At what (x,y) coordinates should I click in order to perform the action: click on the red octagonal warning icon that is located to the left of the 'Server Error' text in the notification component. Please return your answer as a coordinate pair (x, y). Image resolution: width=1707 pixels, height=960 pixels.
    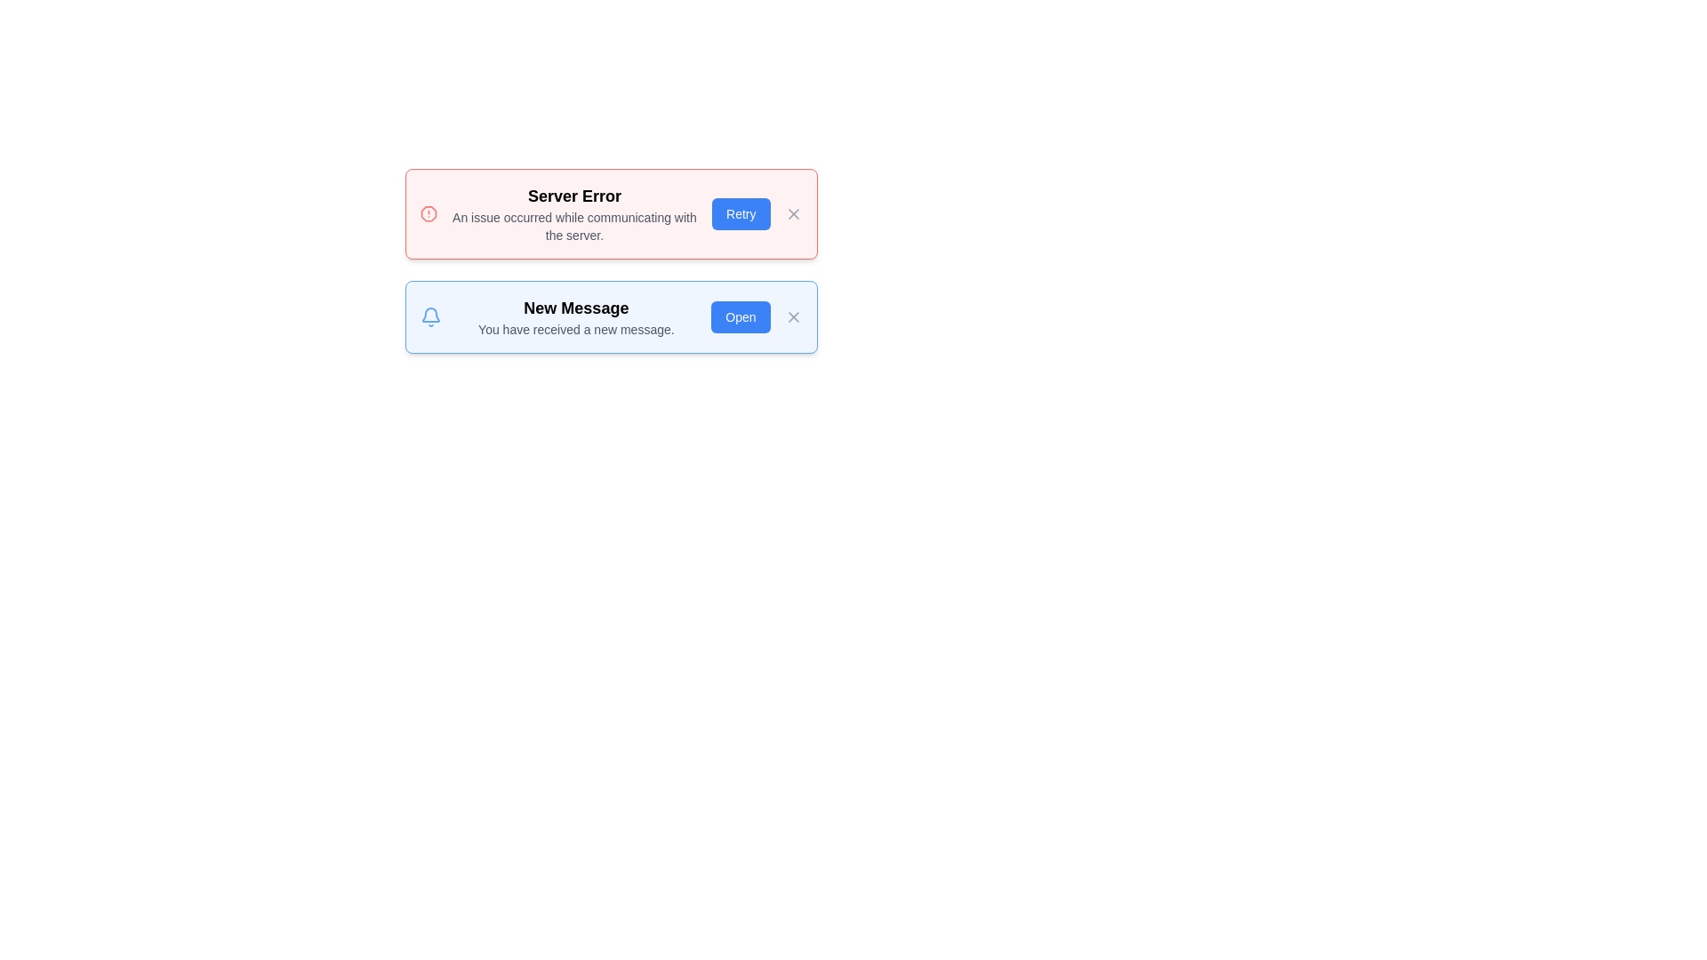
    Looking at the image, I should click on (429, 212).